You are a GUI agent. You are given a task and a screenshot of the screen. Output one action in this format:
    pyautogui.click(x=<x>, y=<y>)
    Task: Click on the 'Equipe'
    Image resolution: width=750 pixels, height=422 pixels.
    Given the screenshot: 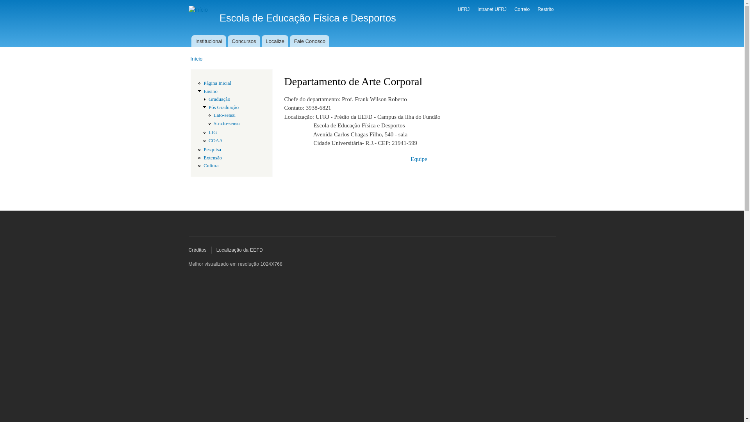 What is the action you would take?
    pyautogui.click(x=418, y=159)
    